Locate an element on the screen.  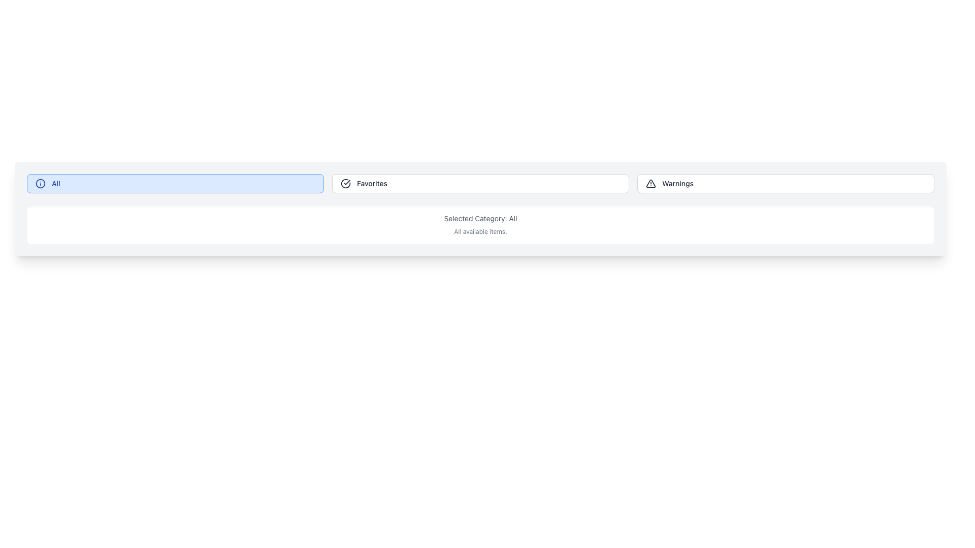
the first button on the left within the three-section group to filter all items is located at coordinates (175, 184).